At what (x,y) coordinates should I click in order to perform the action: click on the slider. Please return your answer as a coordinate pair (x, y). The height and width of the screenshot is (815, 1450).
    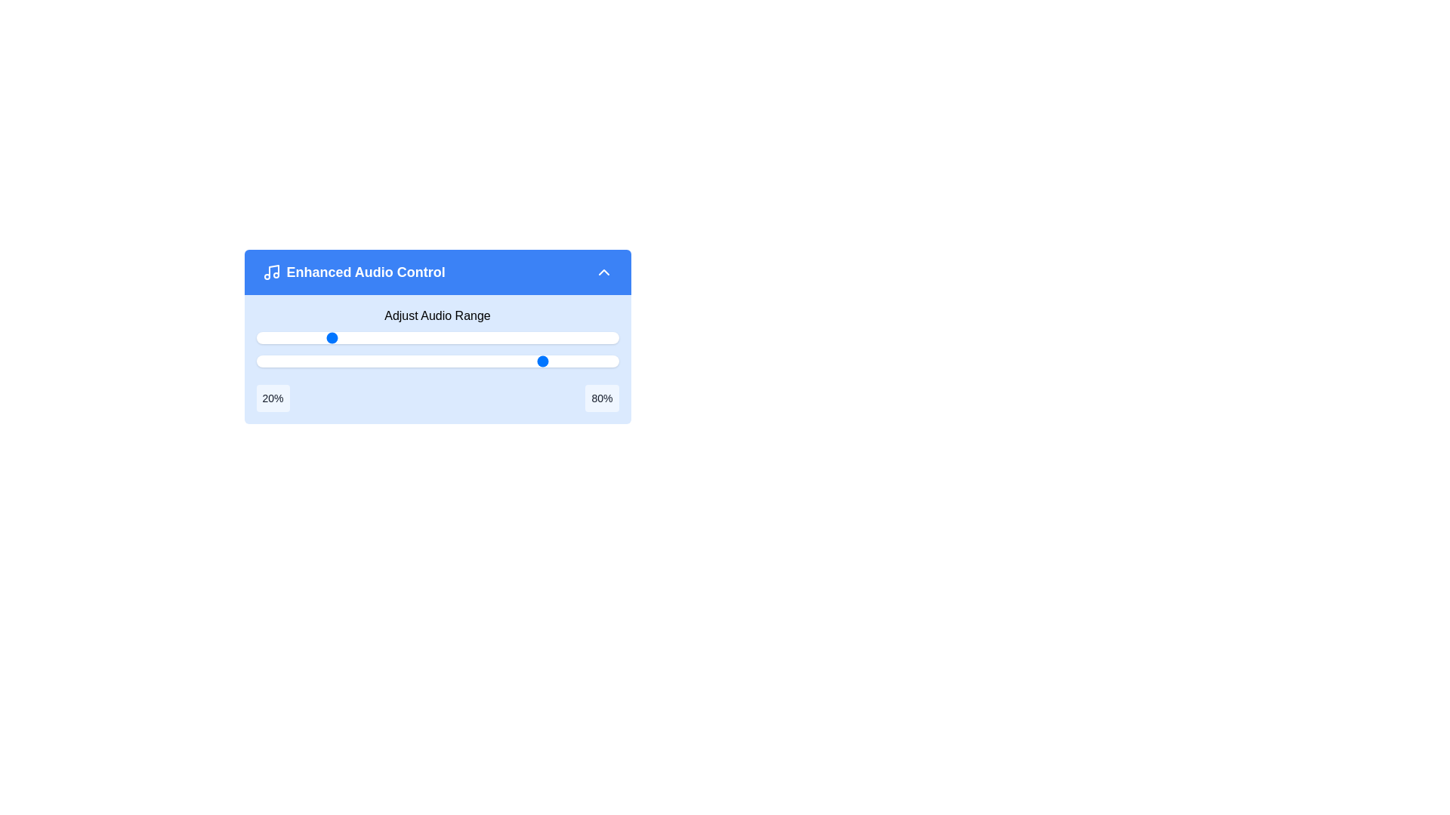
    Looking at the image, I should click on (300, 361).